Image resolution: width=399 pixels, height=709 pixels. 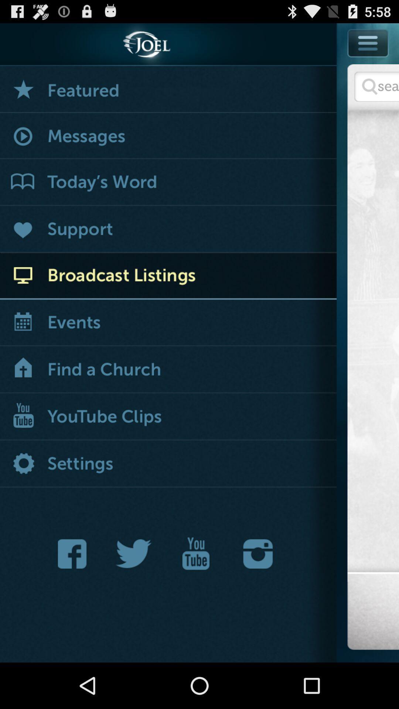 I want to click on search, so click(x=376, y=86).